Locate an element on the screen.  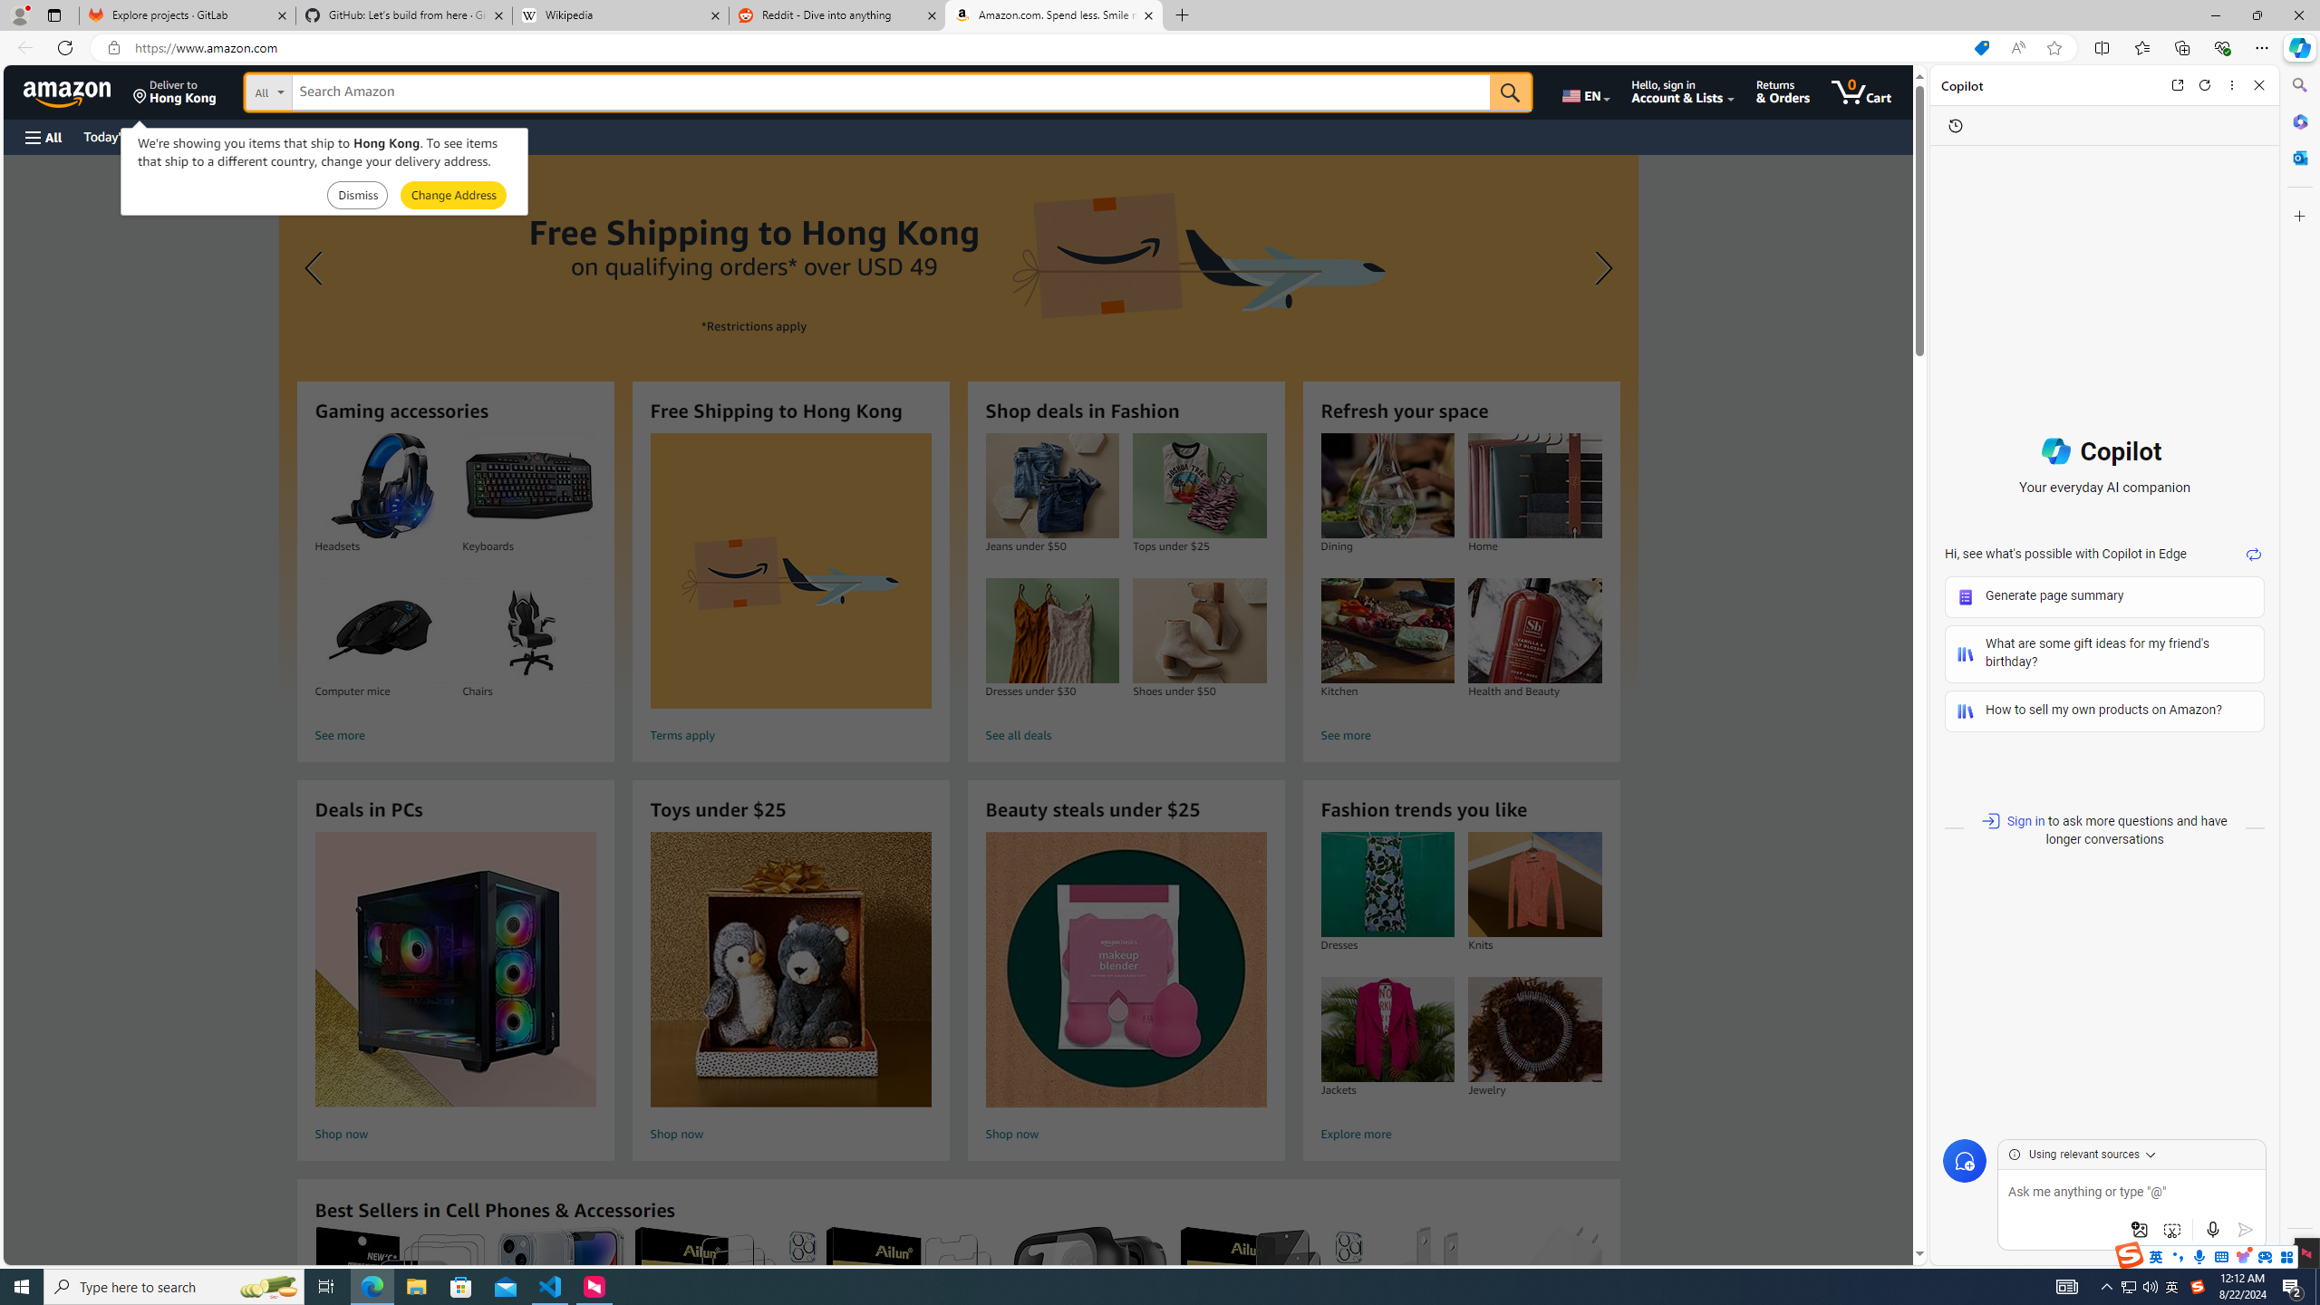
'Dresses under $30' is located at coordinates (1050, 631).